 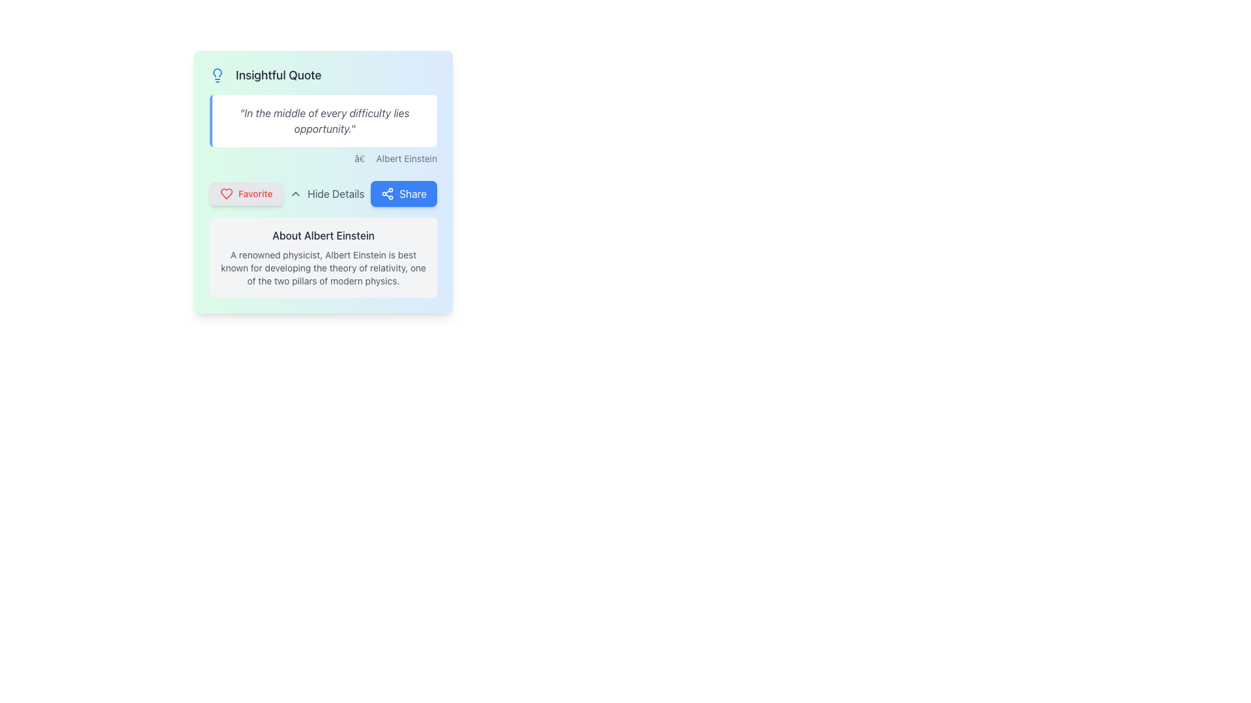 What do you see at coordinates (278, 75) in the screenshot?
I see `the text label displaying 'Insightful Quote', which is prominently positioned to the right of a blue lightbulb icon at the top left of a card-like component` at bounding box center [278, 75].